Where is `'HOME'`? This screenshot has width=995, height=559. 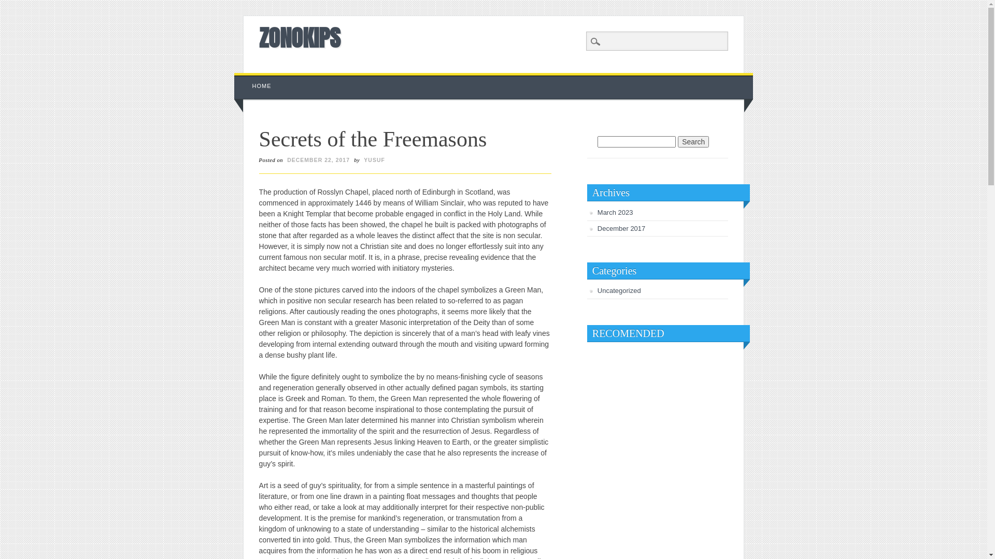 'HOME' is located at coordinates (262, 85).